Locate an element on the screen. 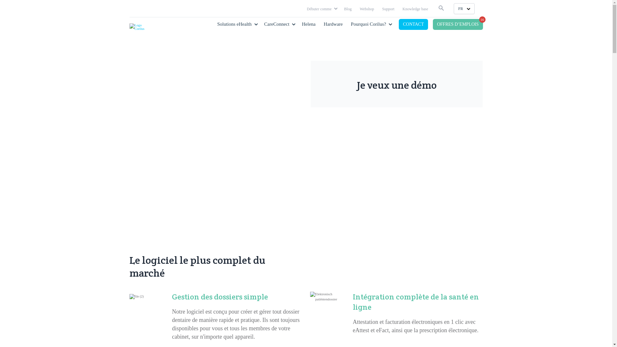 The image size is (617, 347). 'SHOW SUBMENU FOR CARECONNECT' is located at coordinates (293, 23).